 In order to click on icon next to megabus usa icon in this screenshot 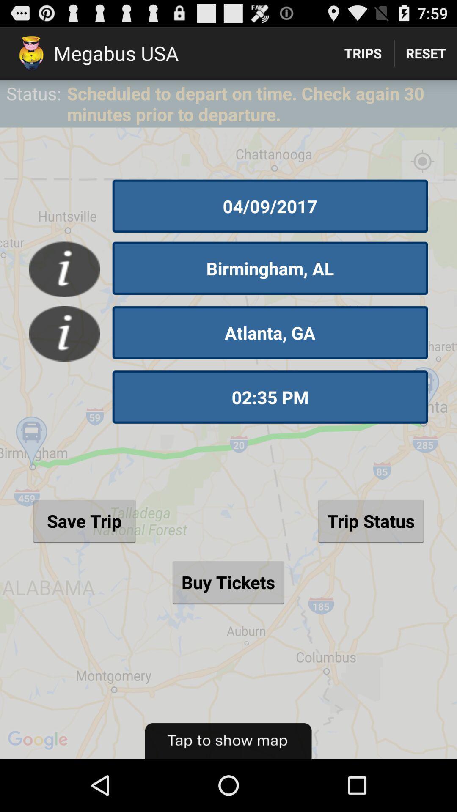, I will do `click(362, 52)`.